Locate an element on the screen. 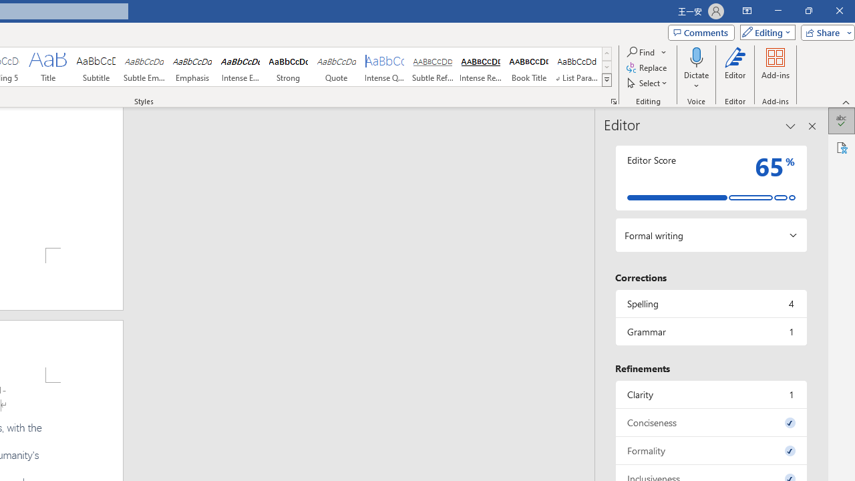  'Clarity, 1 issue. Press space or enter to review items.' is located at coordinates (710, 393).